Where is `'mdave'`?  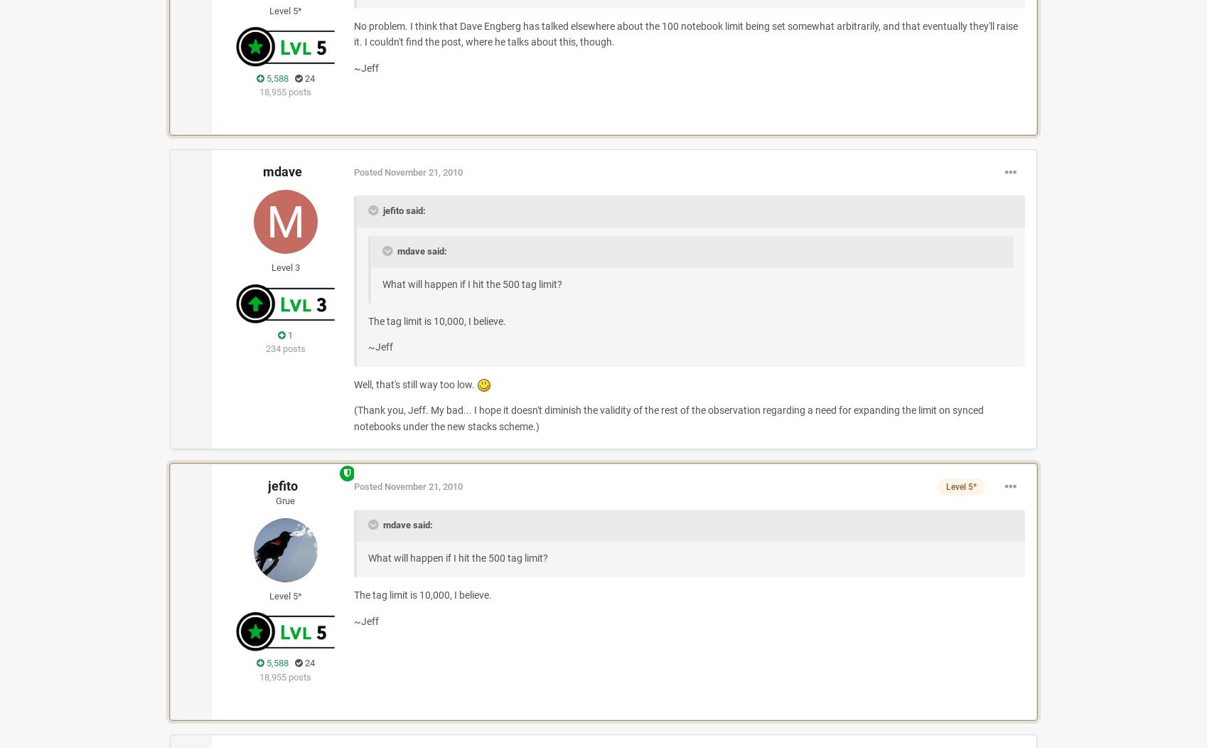 'mdave' is located at coordinates (282, 171).